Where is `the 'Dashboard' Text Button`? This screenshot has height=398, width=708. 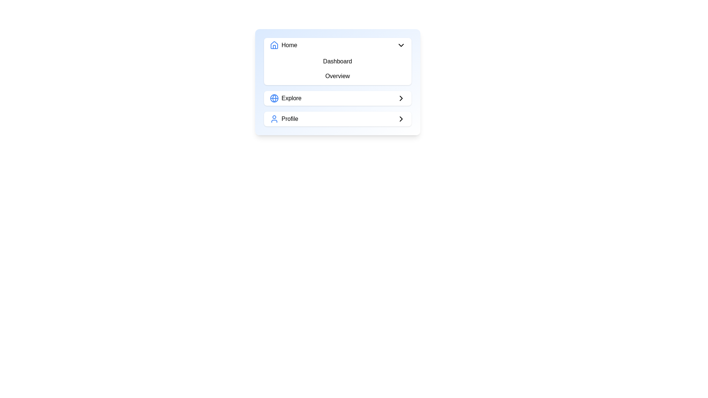 the 'Dashboard' Text Button is located at coordinates (337, 61).